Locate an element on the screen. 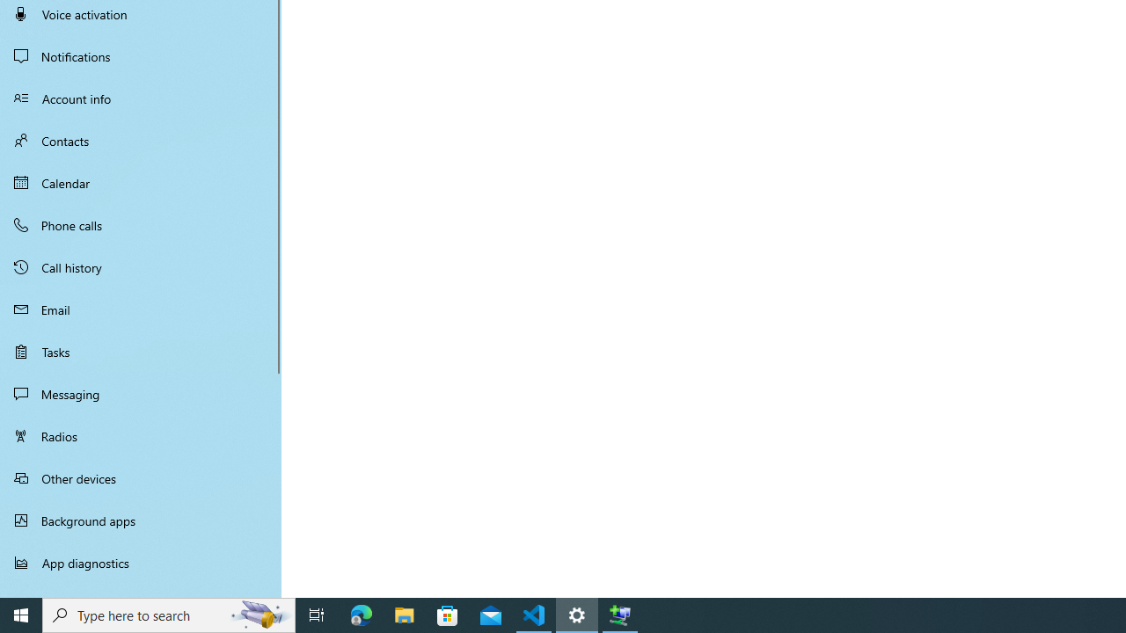  'Tasks' is located at coordinates (141, 351).